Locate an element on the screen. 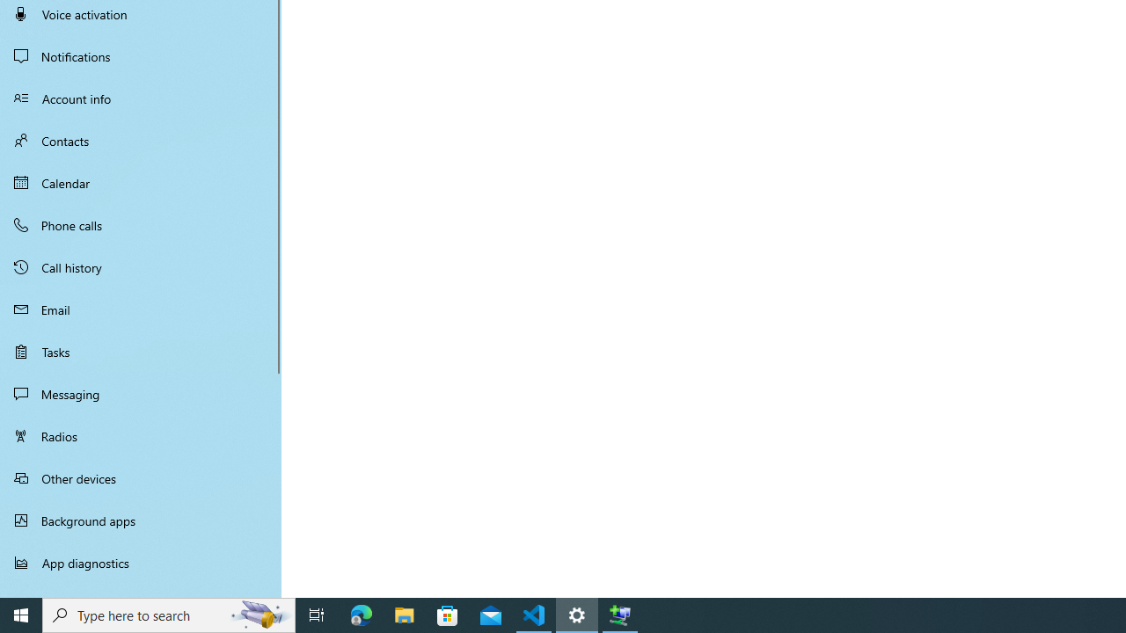  'Tasks' is located at coordinates (141, 351).